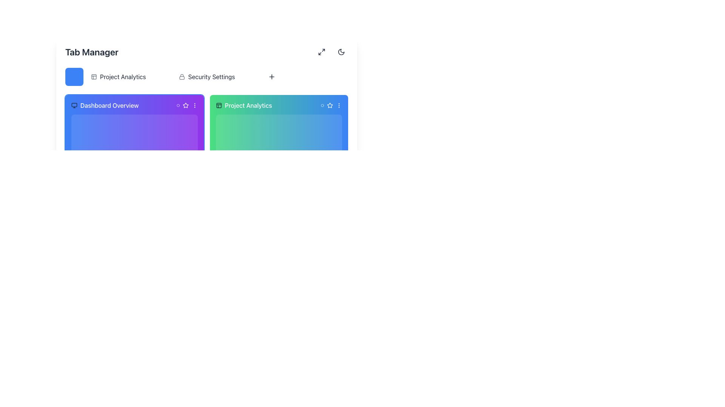 The image size is (725, 407). What do you see at coordinates (217, 77) in the screenshot?
I see `the 'Security Settings' button, which is styled with rounded corners and features a lock icon` at bounding box center [217, 77].